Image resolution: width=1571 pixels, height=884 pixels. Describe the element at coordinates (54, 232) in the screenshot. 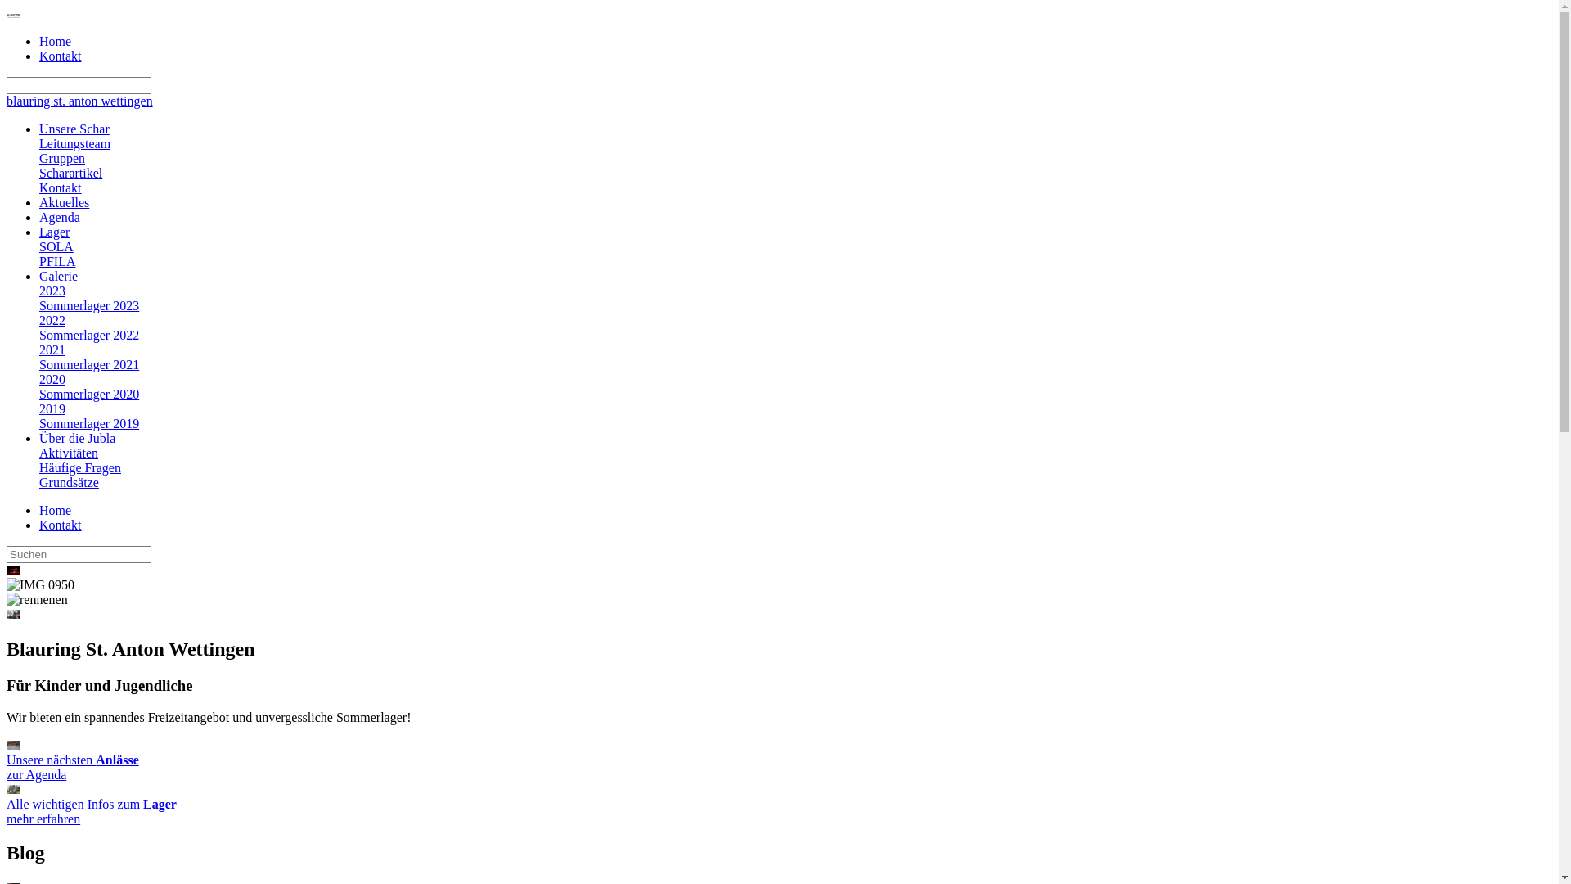

I see `'Lager'` at that location.